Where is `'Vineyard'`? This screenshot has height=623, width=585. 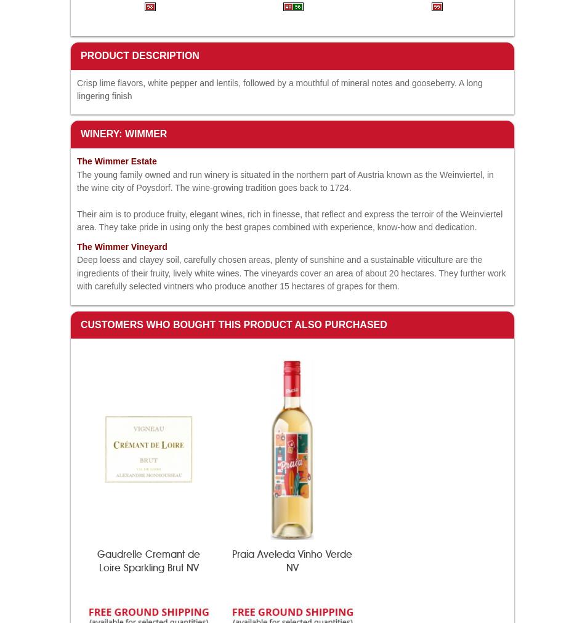
'Vineyard' is located at coordinates (148, 246).